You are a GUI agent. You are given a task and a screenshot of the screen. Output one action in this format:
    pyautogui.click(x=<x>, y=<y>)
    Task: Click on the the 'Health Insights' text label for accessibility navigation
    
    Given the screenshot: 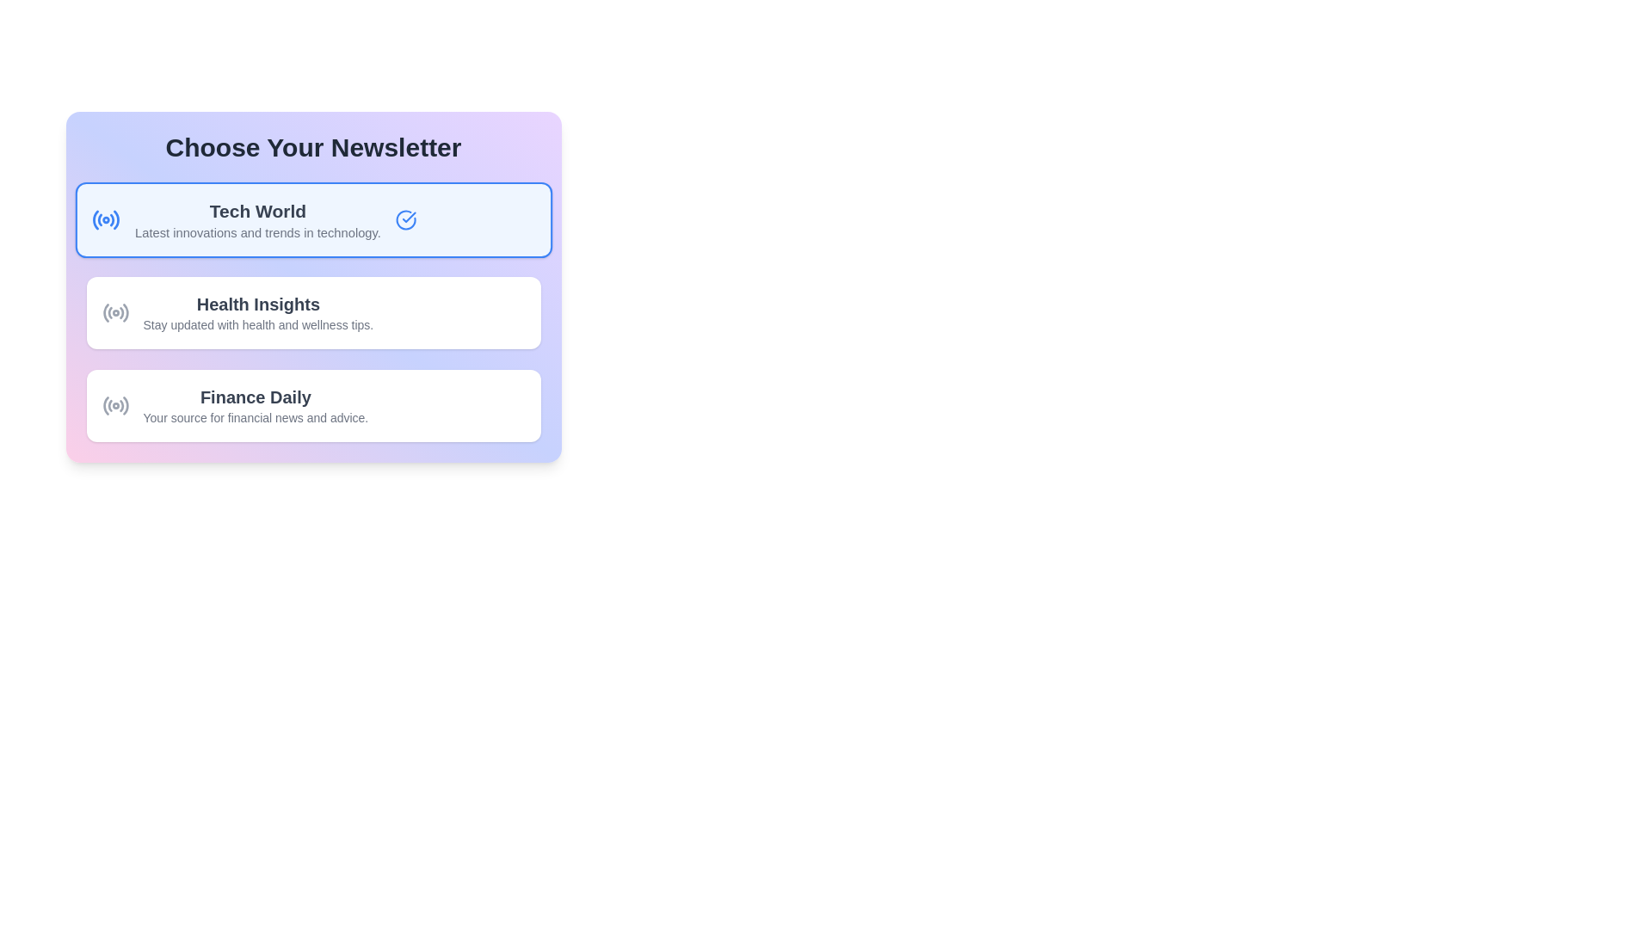 What is the action you would take?
    pyautogui.click(x=257, y=304)
    